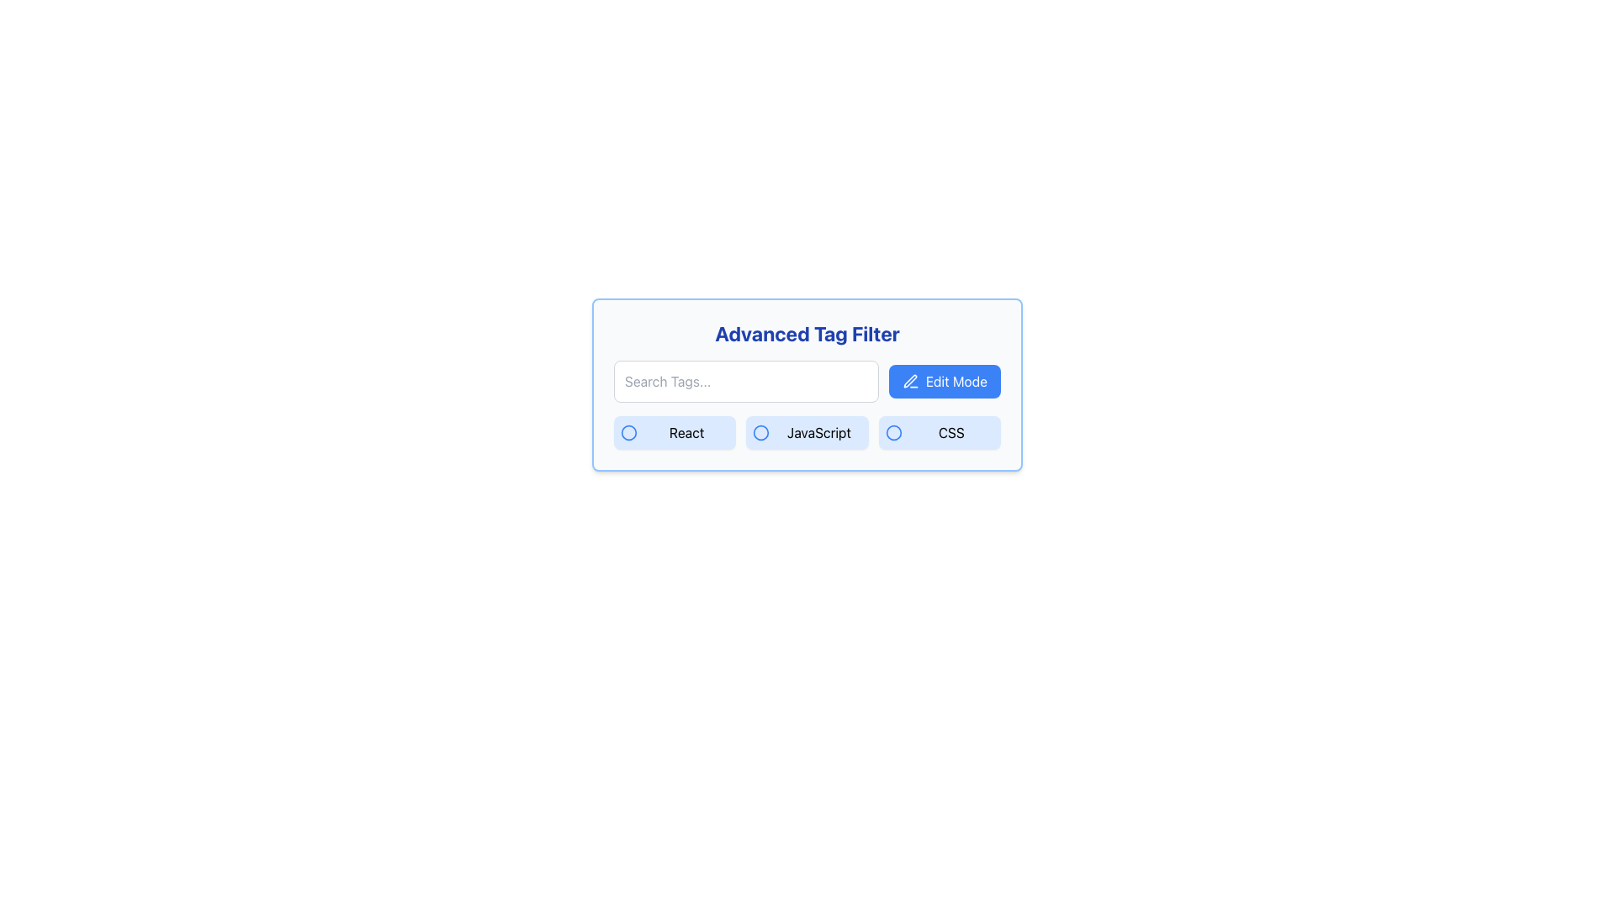 The image size is (1615, 908). I want to click on the icon located on the left side of the 'Edit Mode' button, which represents the editing functionality, so click(909, 382).